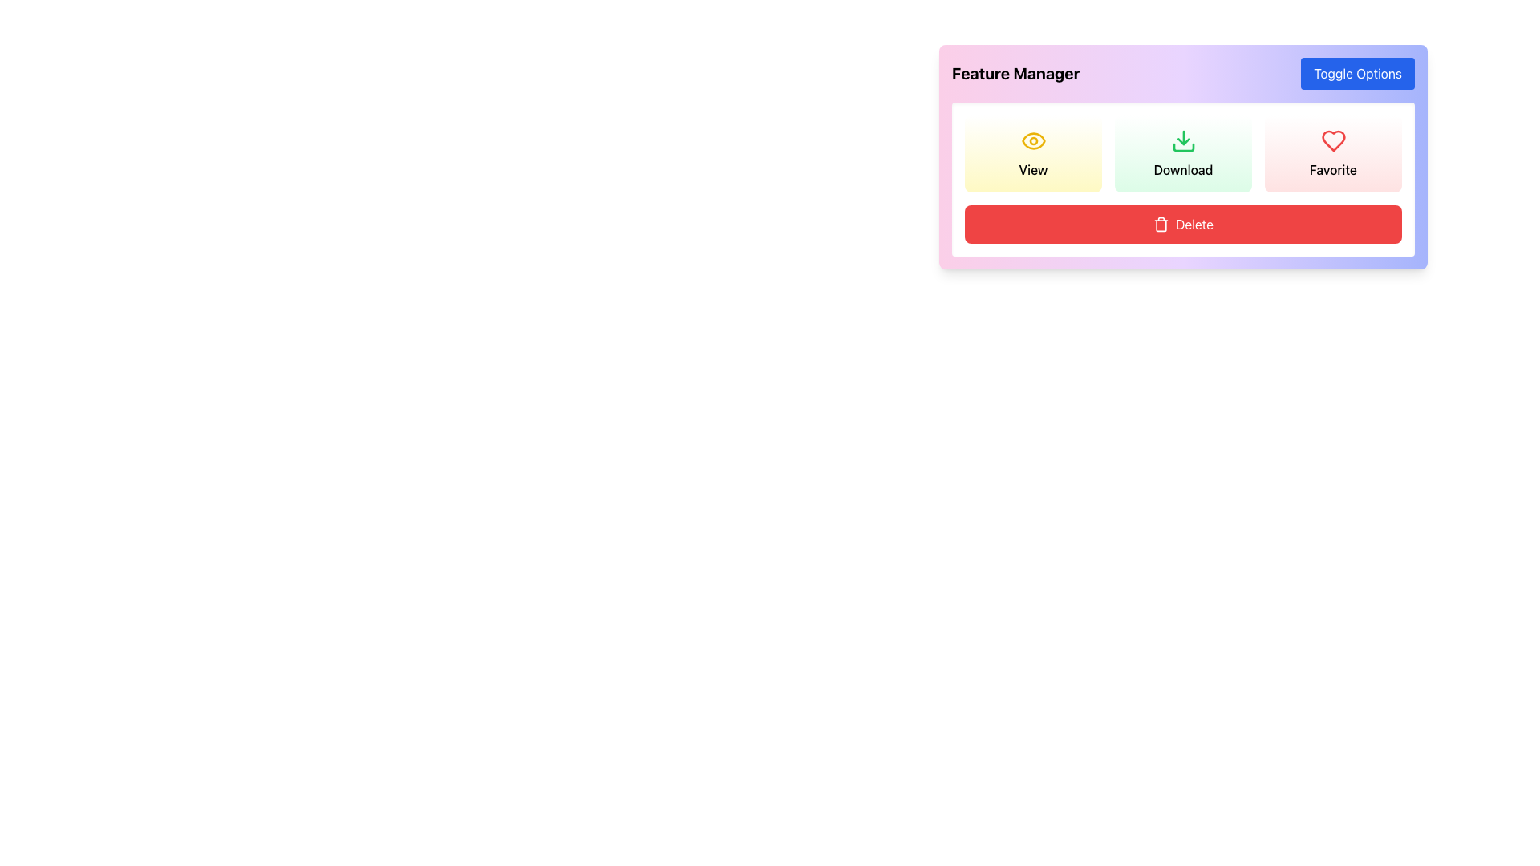 This screenshot has width=1540, height=866. Describe the element at coordinates (1183, 154) in the screenshot. I see `the 'Download' button located in the second column of the grid, positioned above the 'Delete' button` at that location.